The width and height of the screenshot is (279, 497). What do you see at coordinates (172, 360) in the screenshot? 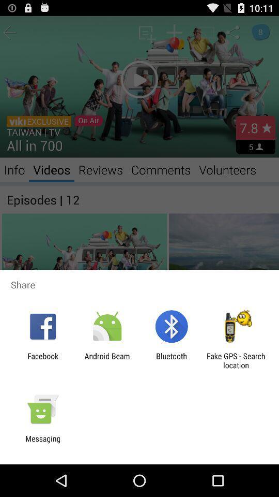
I see `the item to the right of the android beam icon` at bounding box center [172, 360].